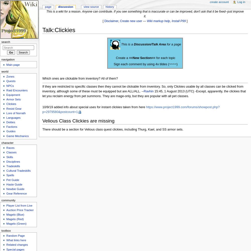  I want to click on 'Factions', so click(12, 127).